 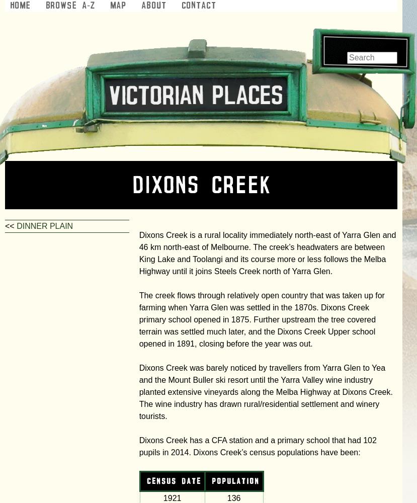 What do you see at coordinates (233, 497) in the screenshot?
I see `'136'` at bounding box center [233, 497].